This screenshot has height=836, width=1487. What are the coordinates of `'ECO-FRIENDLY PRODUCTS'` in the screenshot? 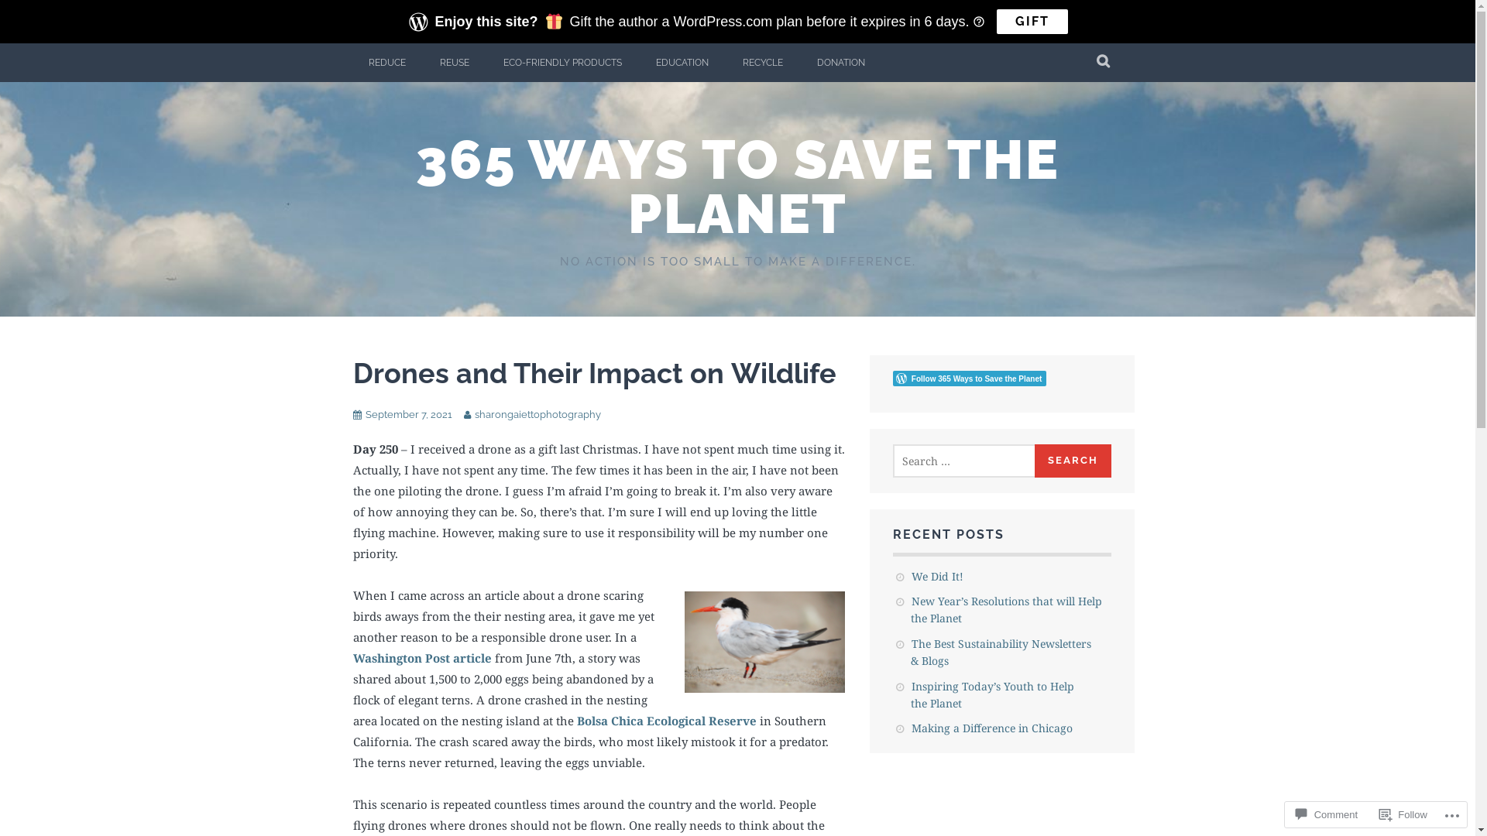 It's located at (486, 62).